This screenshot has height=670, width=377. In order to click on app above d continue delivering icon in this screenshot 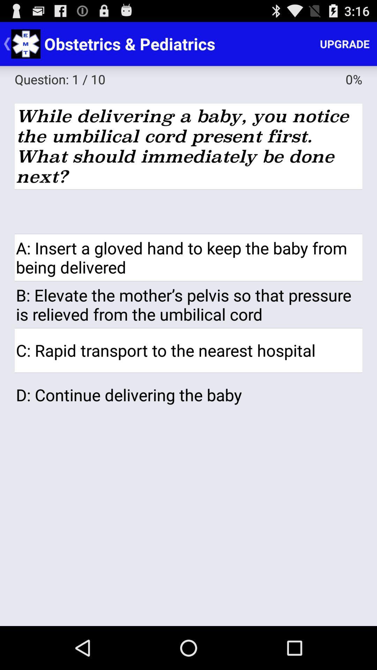, I will do `click(188, 350)`.